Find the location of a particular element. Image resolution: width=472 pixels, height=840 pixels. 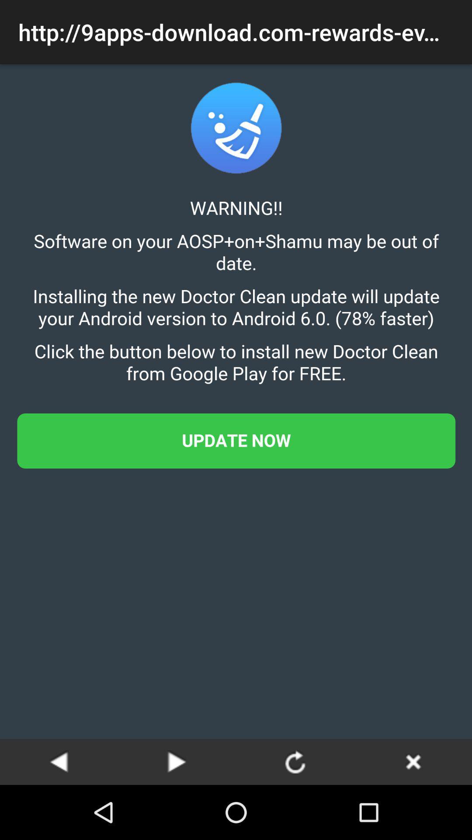

tab is located at coordinates (413, 761).